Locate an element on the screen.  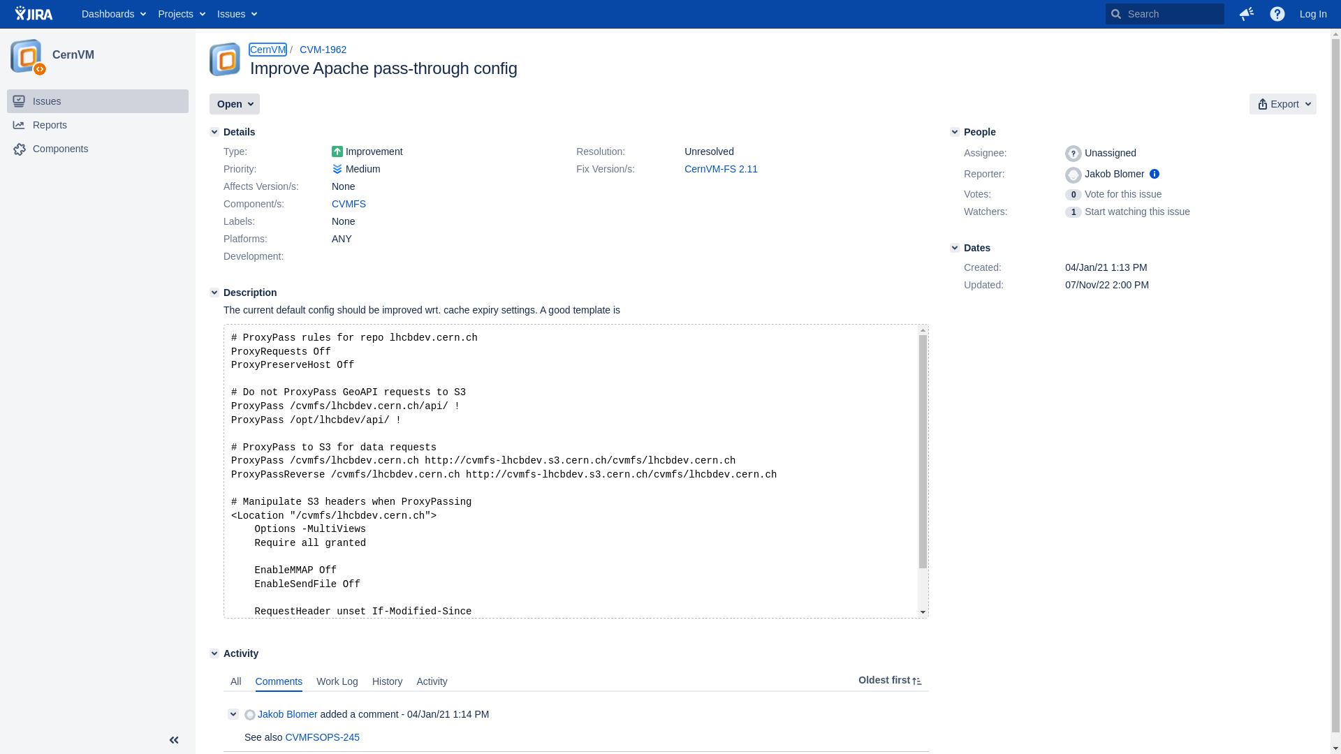
'Oldest first' is located at coordinates (890, 680).